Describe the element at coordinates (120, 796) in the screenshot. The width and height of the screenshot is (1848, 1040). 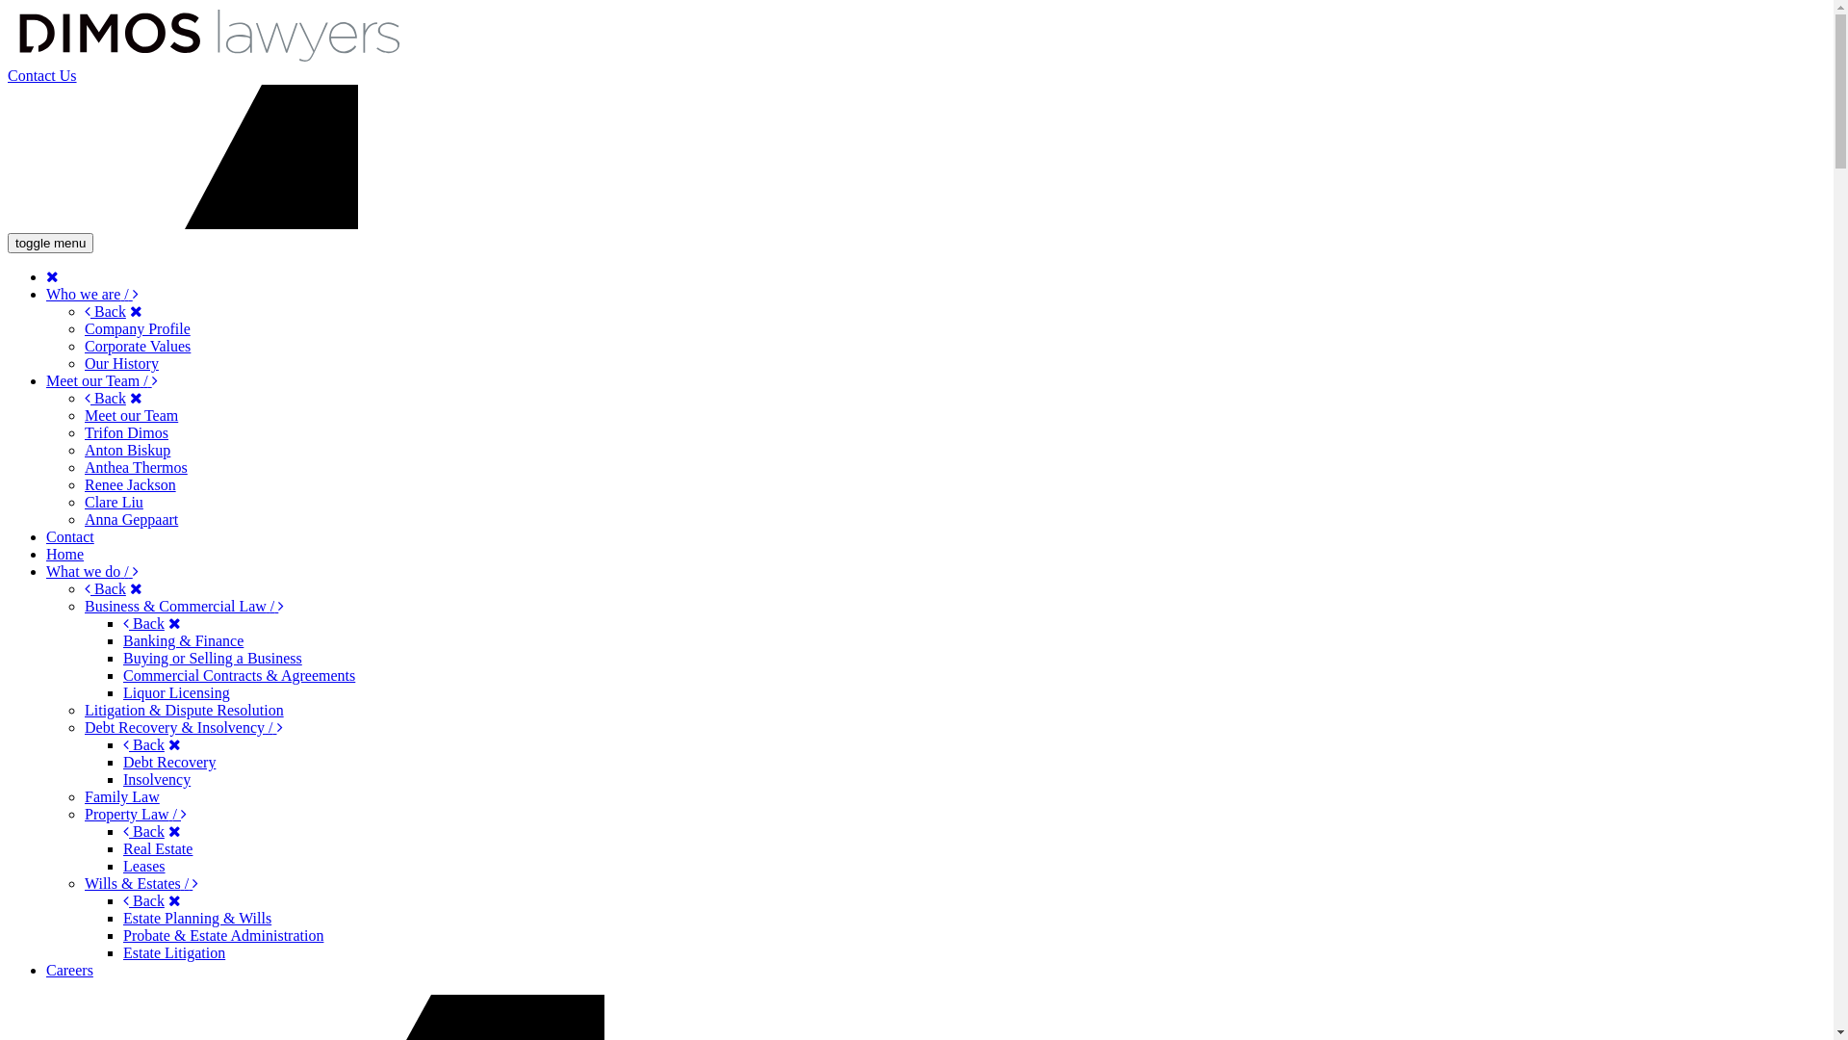
I see `'Family Law'` at that location.